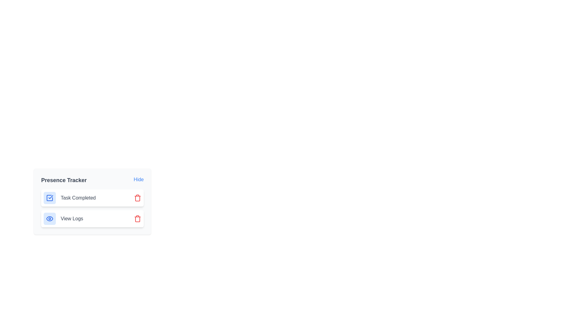 The width and height of the screenshot is (586, 330). Describe the element at coordinates (92, 208) in the screenshot. I see `the grouped interactive elements labeled 'Task Completed' and 'View Logs'` at that location.